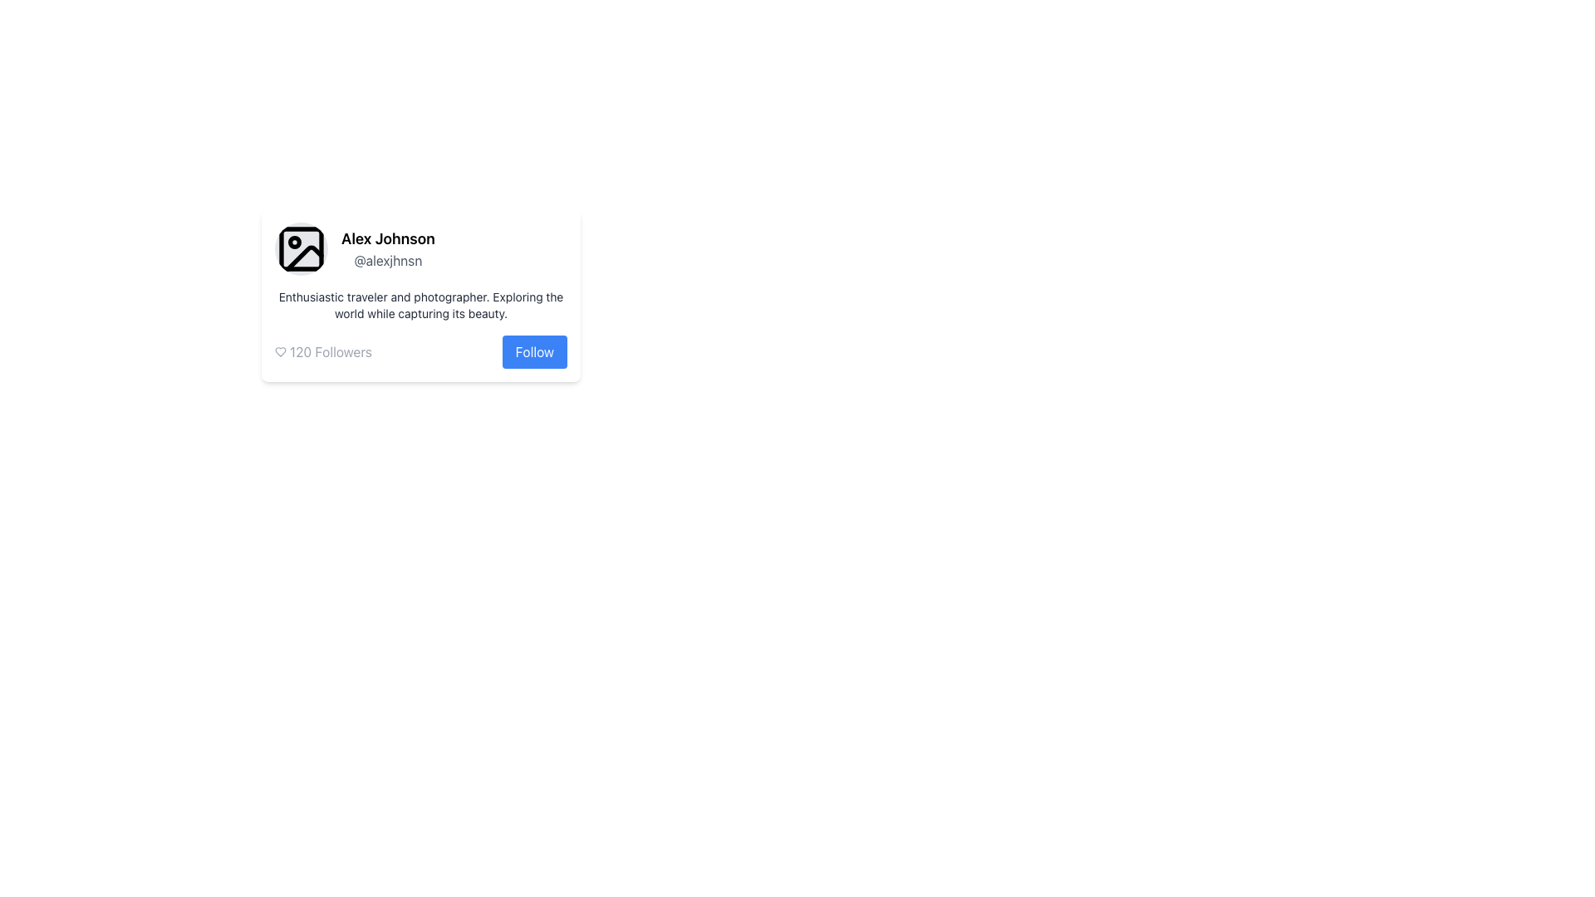 The image size is (1595, 897). I want to click on the small rectangular component with rounded corners that serves as a background within the profile image placeholder above the text 'Alex Johnson @alexjhsn', so click(302, 249).